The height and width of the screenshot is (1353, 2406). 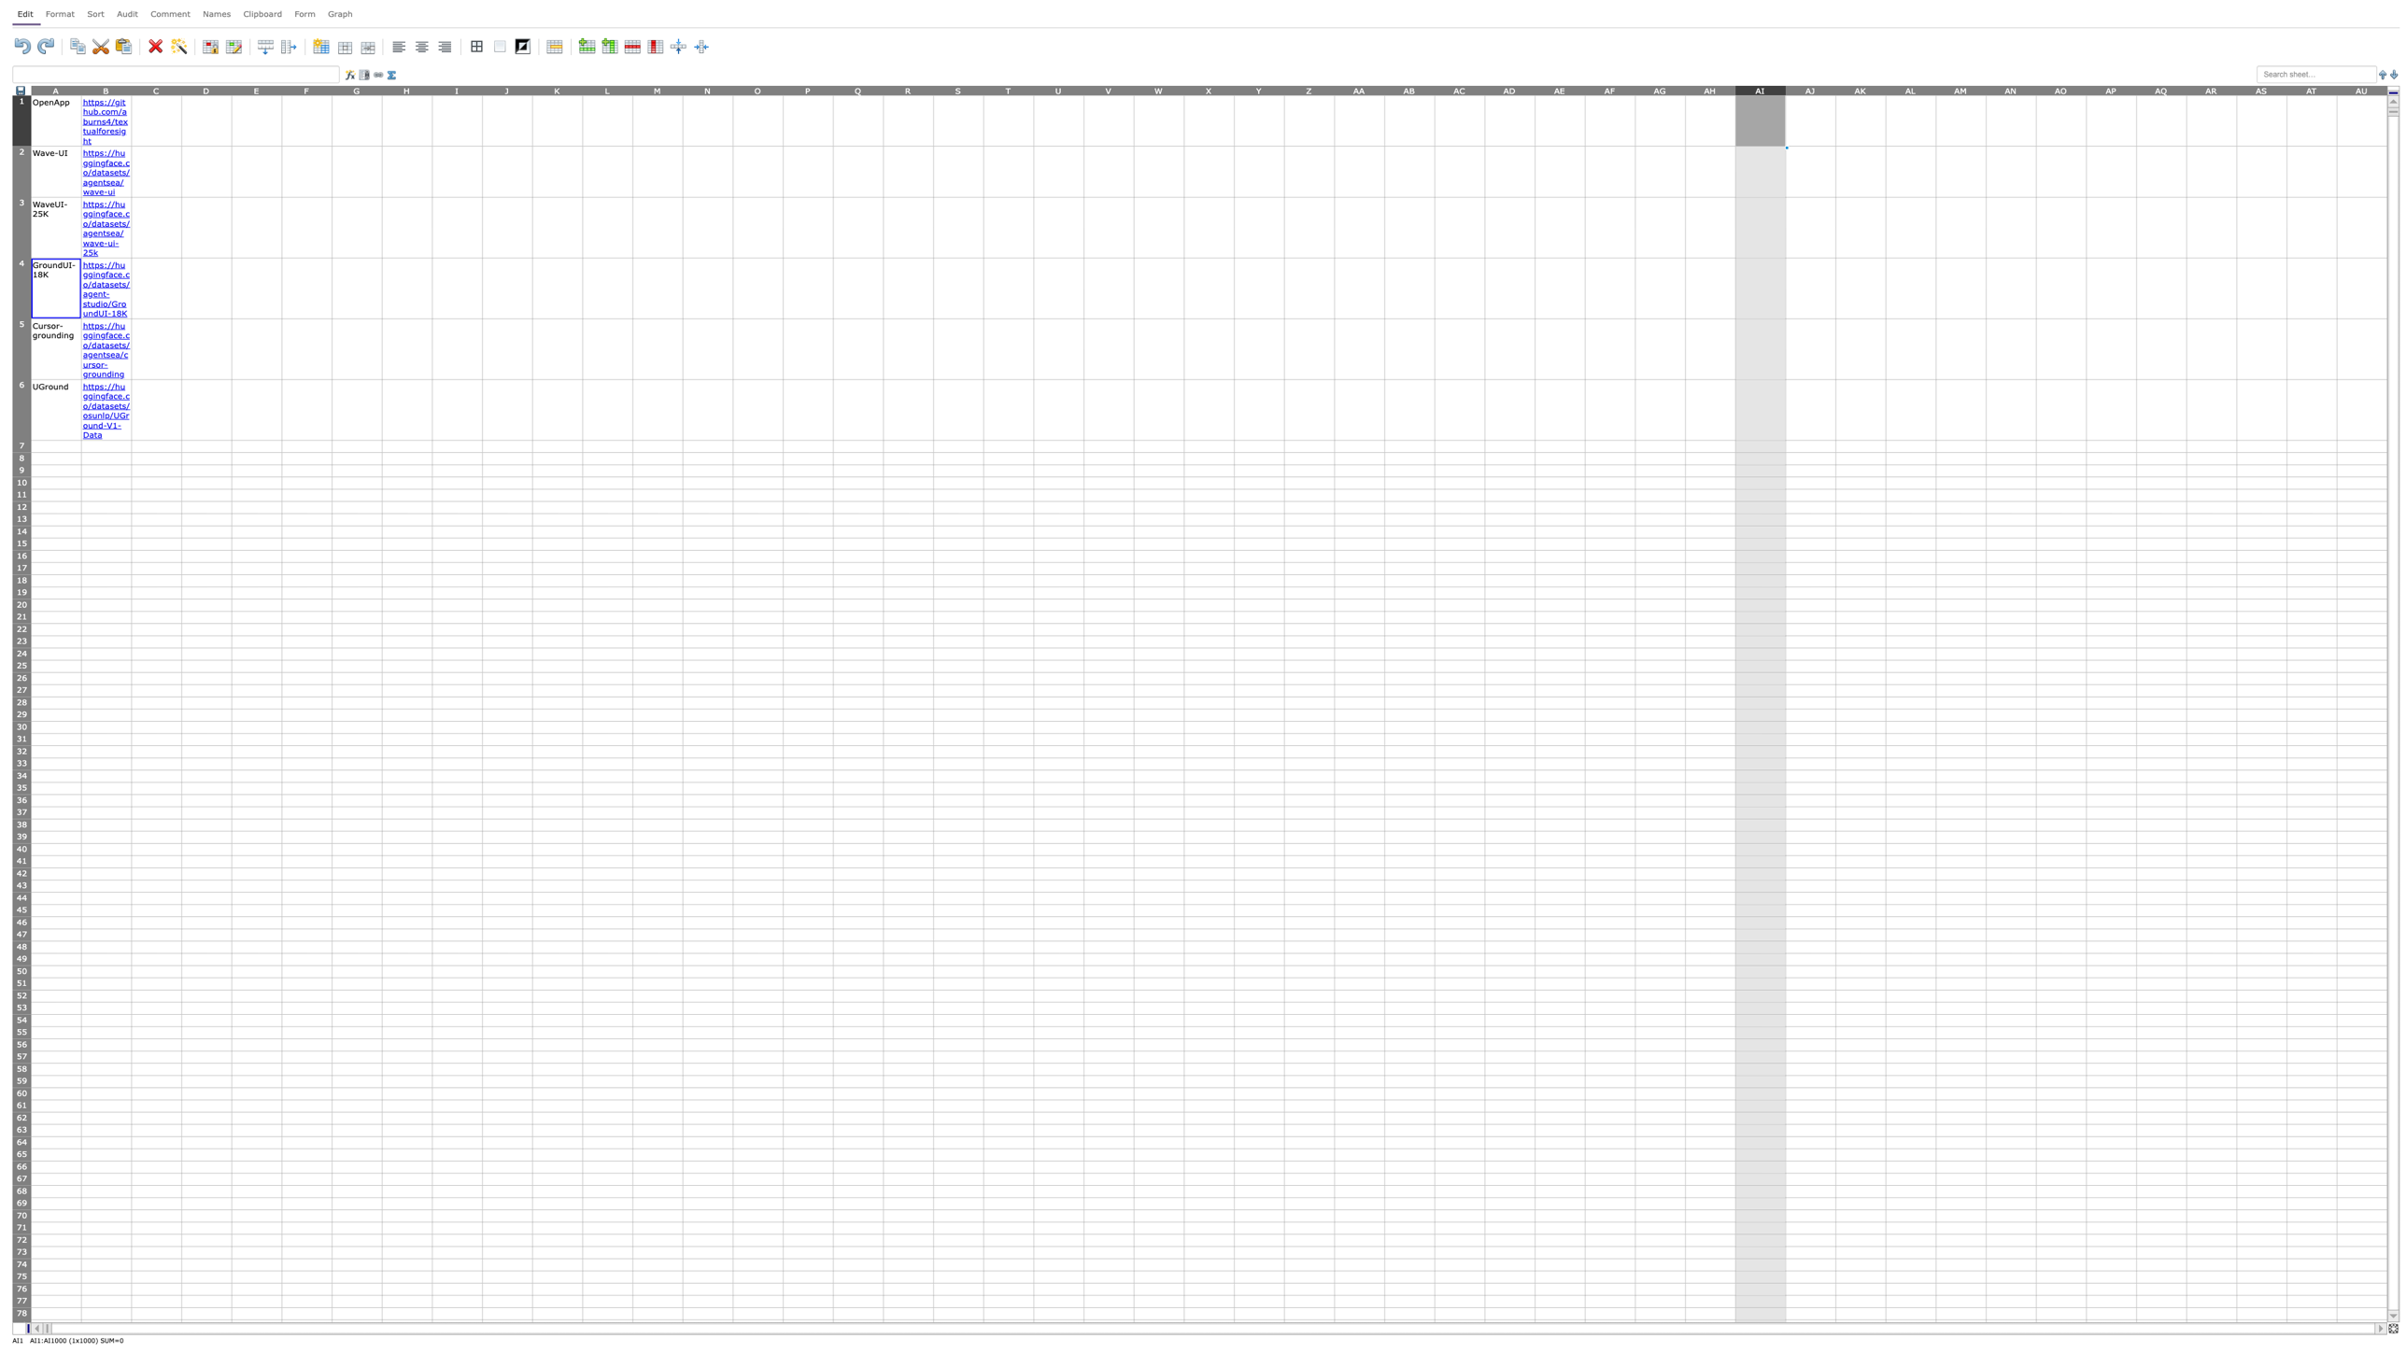 What do you see at coordinates (1859, 89) in the screenshot?
I see `column AK` at bounding box center [1859, 89].